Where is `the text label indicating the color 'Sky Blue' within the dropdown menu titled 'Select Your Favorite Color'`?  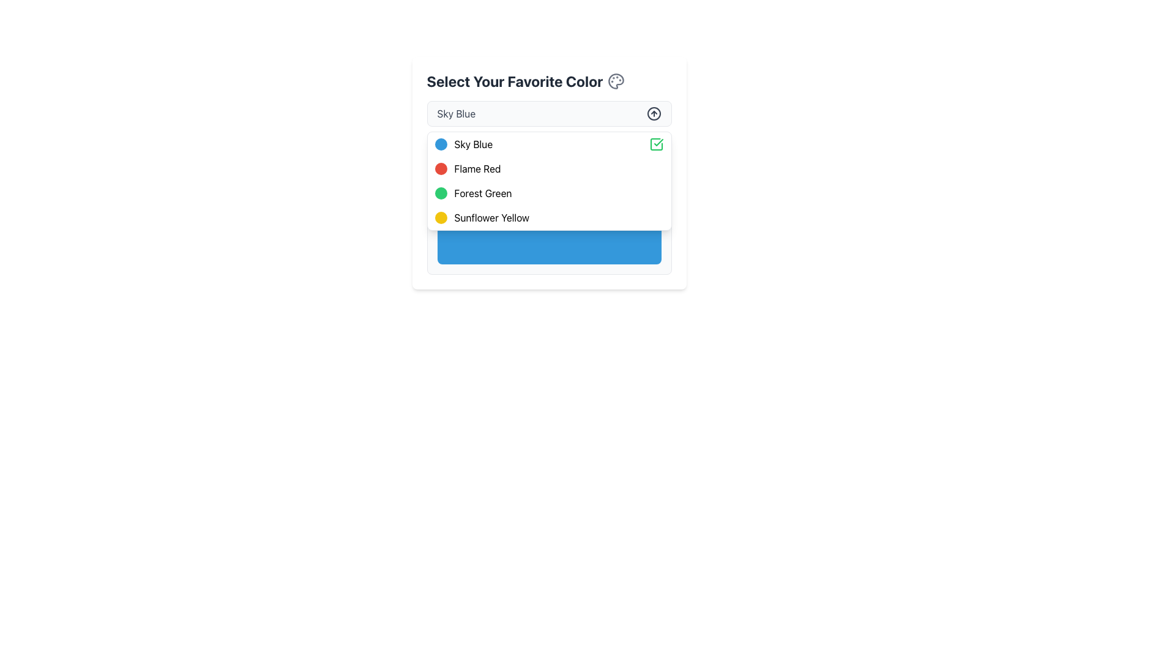
the text label indicating the color 'Sky Blue' within the dropdown menu titled 'Select Your Favorite Color' is located at coordinates (472, 143).